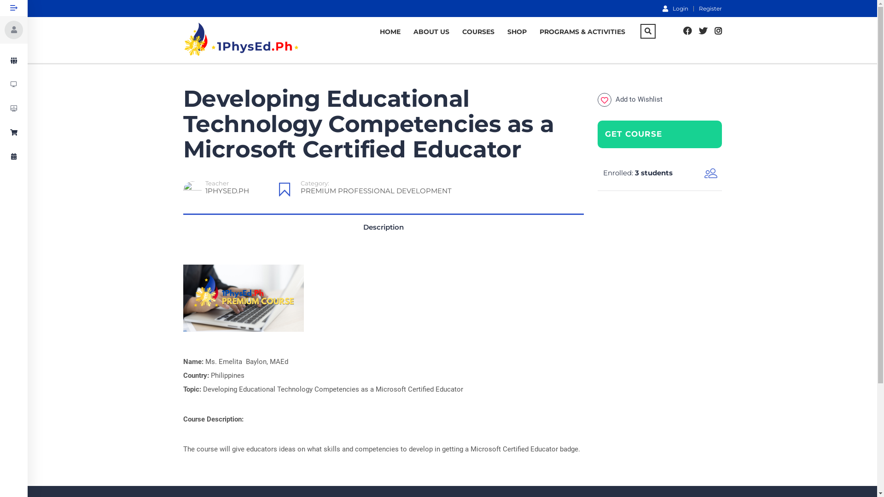  I want to click on 'PROGRAMS & ACTIVITIES', so click(582, 31).